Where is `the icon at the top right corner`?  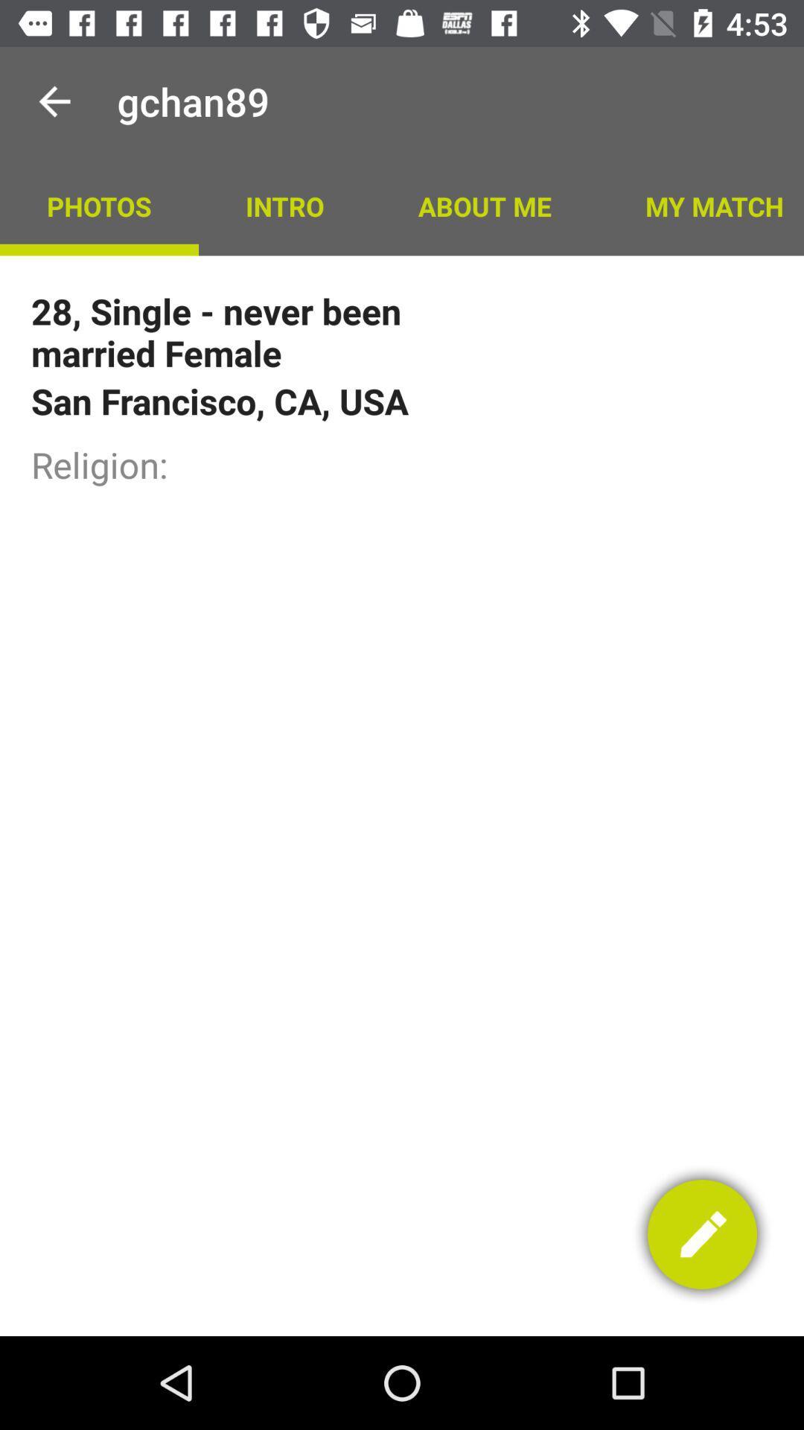 the icon at the top right corner is located at coordinates (701, 205).